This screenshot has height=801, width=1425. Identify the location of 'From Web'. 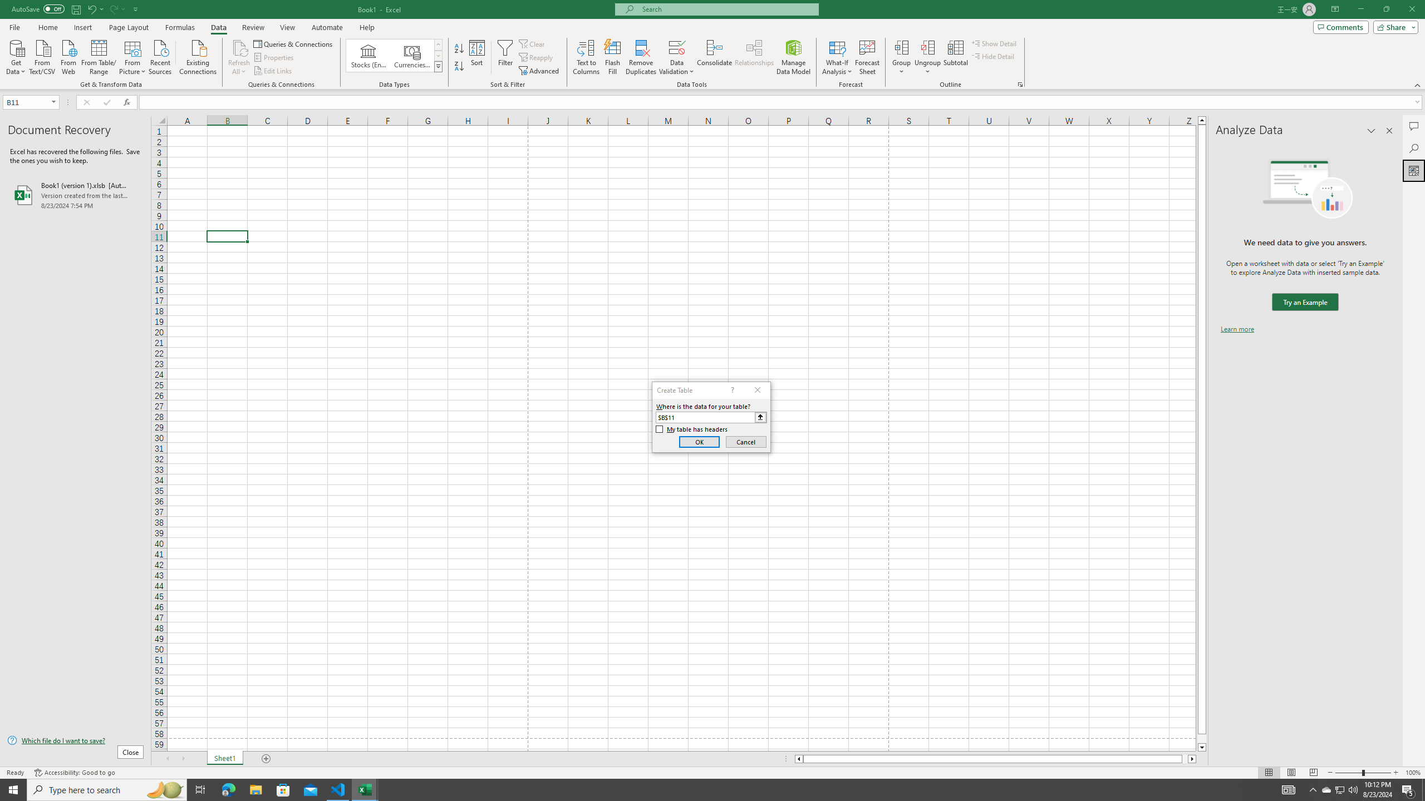
(68, 56).